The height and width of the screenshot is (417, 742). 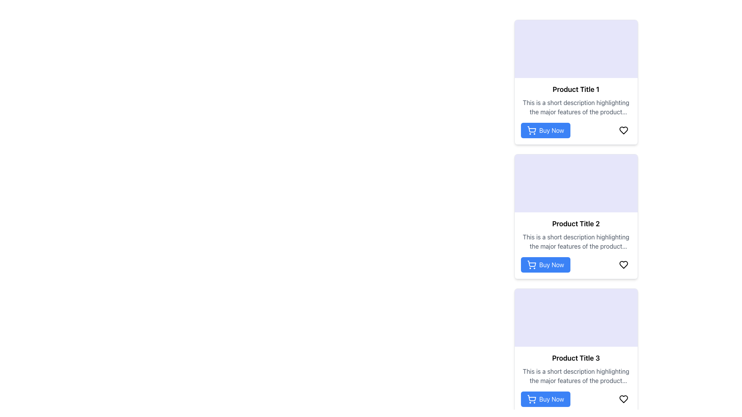 What do you see at coordinates (623, 264) in the screenshot?
I see `the favorite icon located at the bottom-right corner of the 'Product Title 2' card for additional information` at bounding box center [623, 264].